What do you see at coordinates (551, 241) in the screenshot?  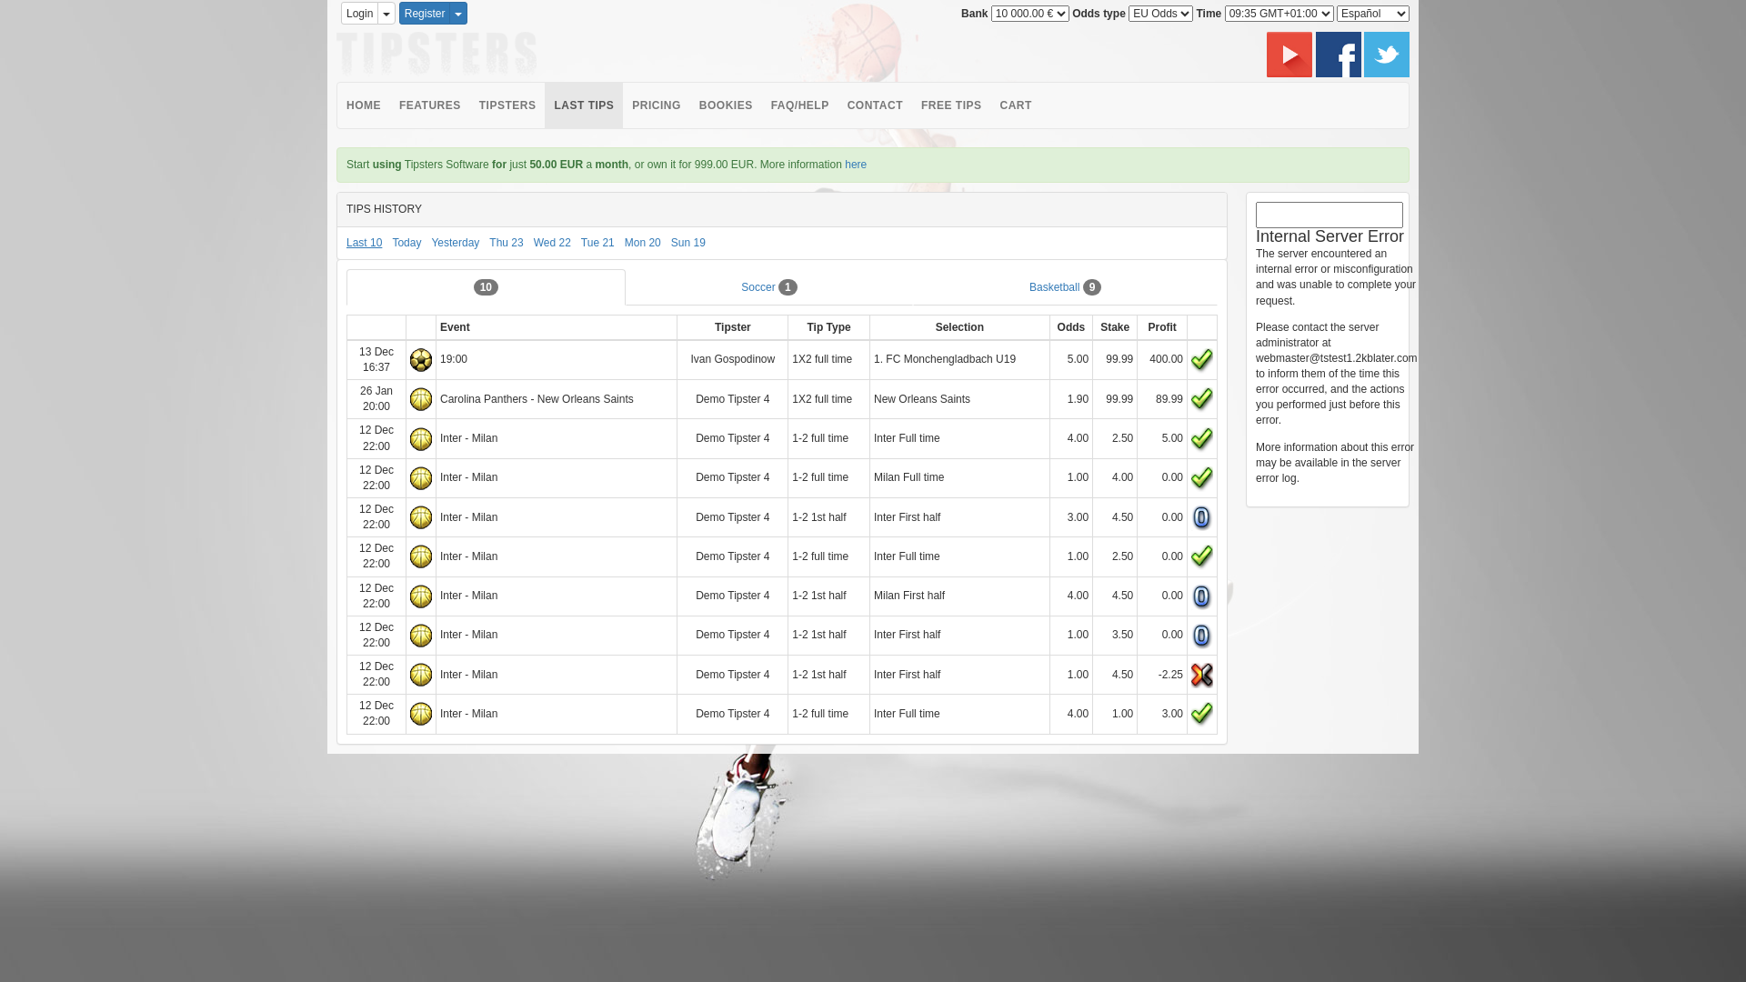 I see `'Wed 22'` at bounding box center [551, 241].